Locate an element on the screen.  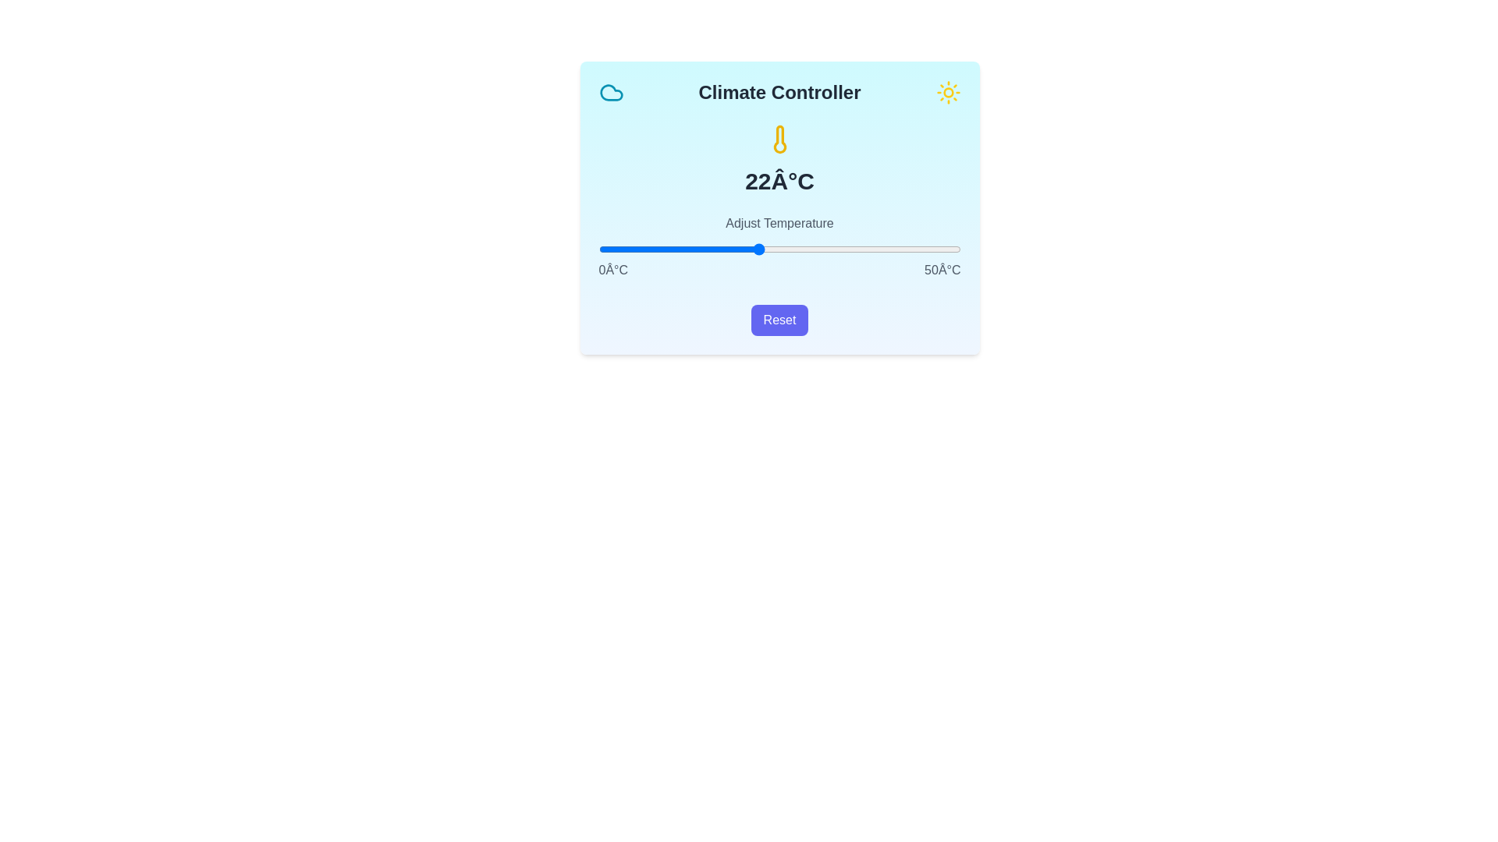
the temperature to 21°C using the slider is located at coordinates (751, 249).